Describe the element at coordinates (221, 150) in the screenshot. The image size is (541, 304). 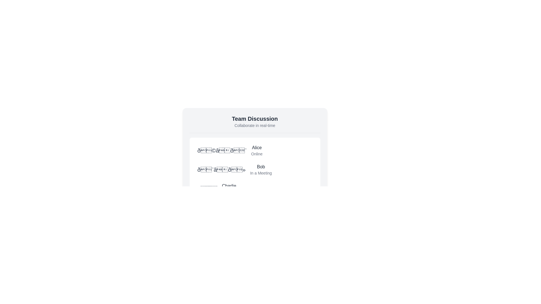
I see `the emoji-like icon character with large text style located within the user-related information content block` at that location.